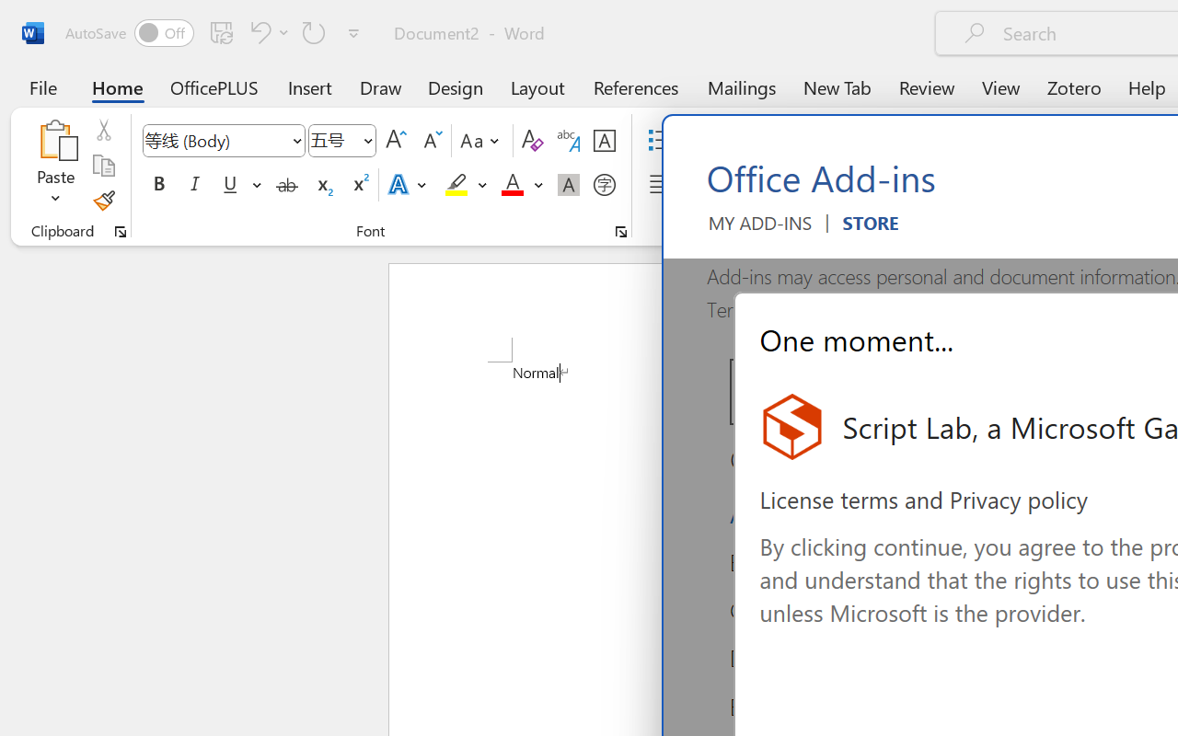 This screenshot has height=736, width=1178. Describe the element at coordinates (927, 86) in the screenshot. I see `'Review'` at that location.